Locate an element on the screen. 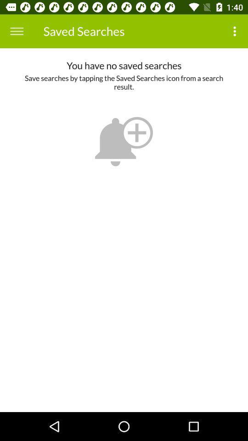 The width and height of the screenshot is (248, 441). the icon at the top left corner is located at coordinates (17, 31).